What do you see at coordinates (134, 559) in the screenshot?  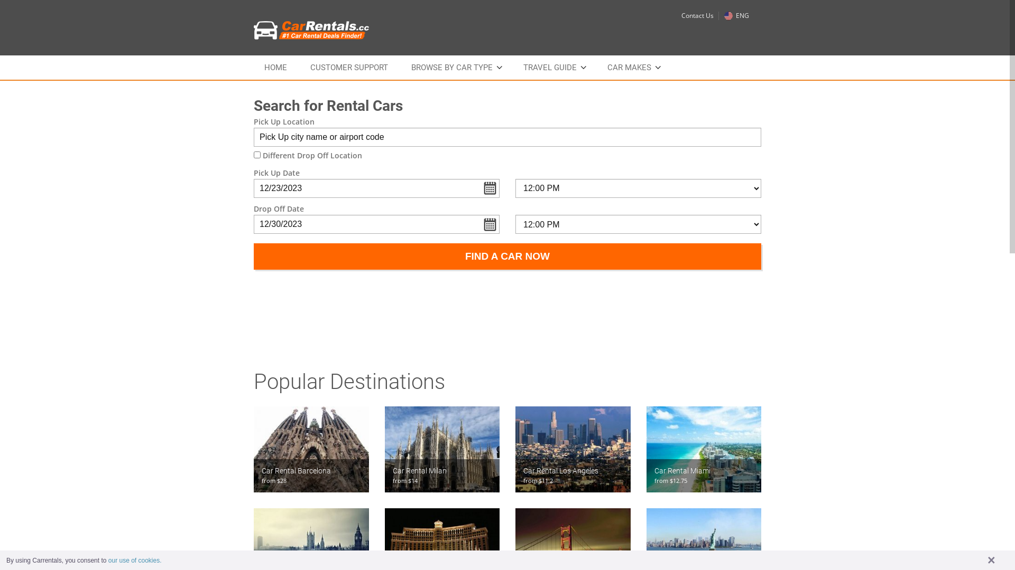 I see `'our use of cookies.'` at bounding box center [134, 559].